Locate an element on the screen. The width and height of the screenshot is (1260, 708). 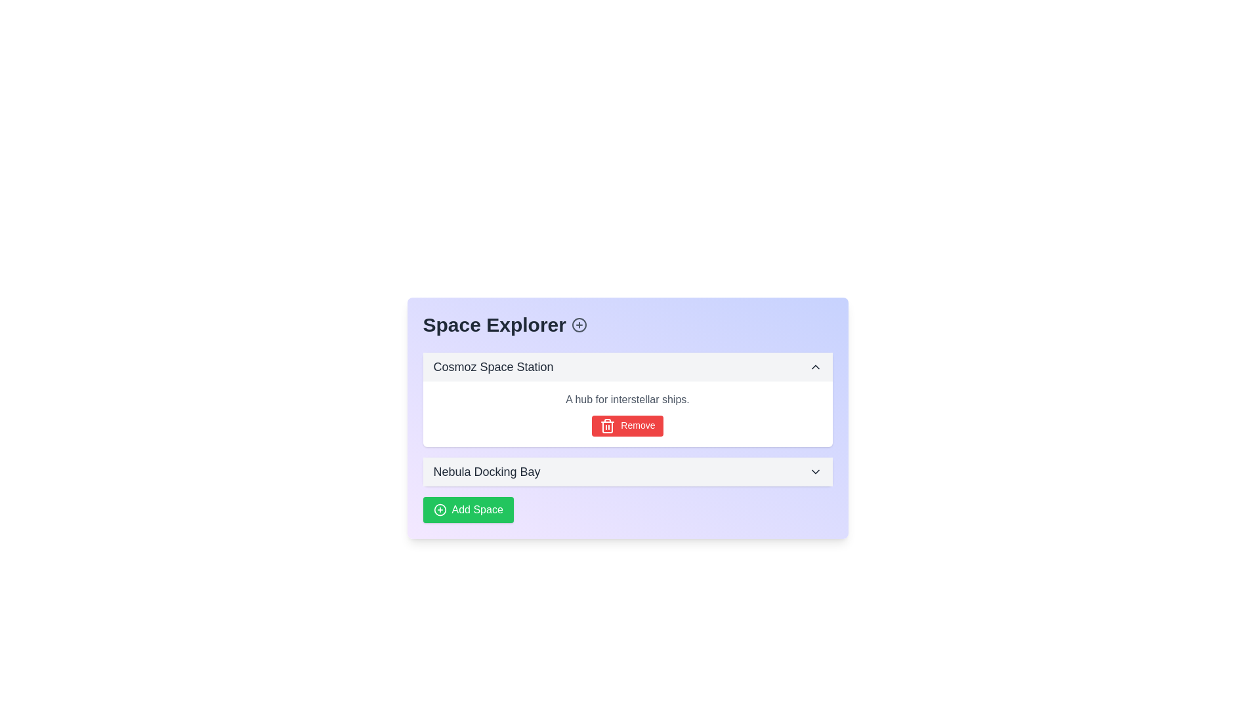
the dropdown menu for 'Nebula Docking Bay' is located at coordinates (627, 472).